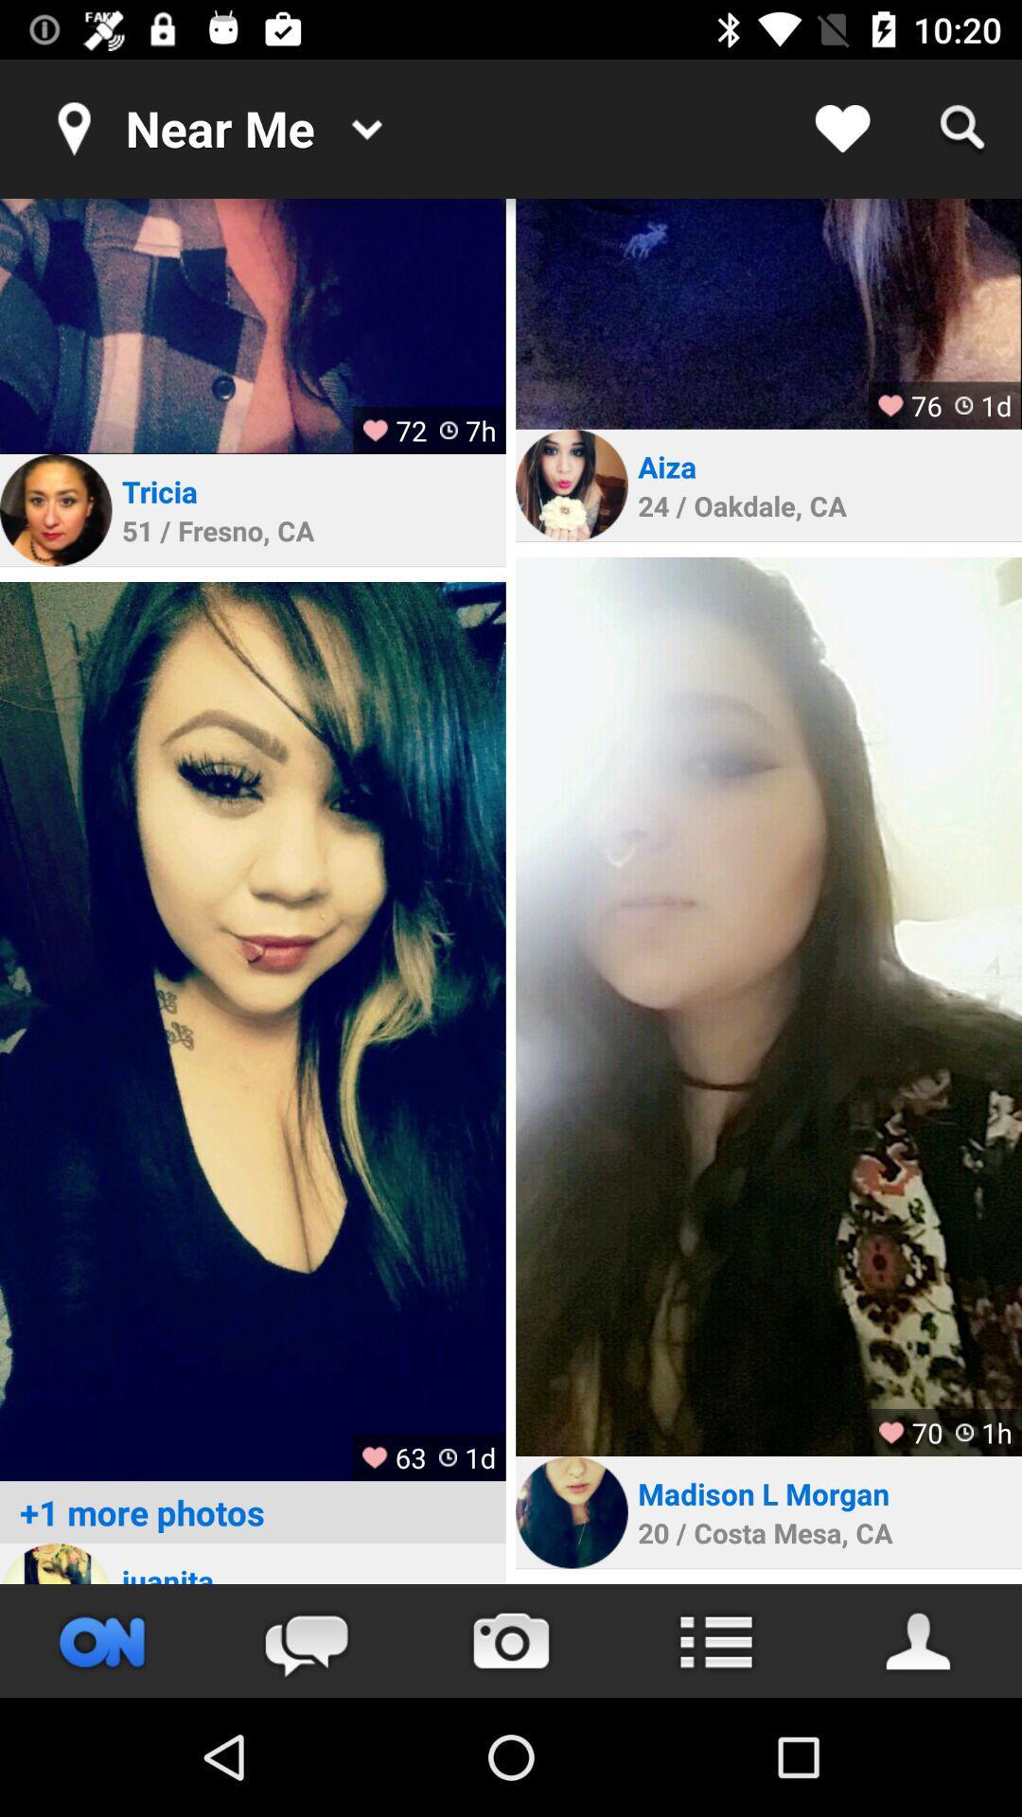 This screenshot has width=1022, height=1817. I want to click on profile, so click(55, 1563).